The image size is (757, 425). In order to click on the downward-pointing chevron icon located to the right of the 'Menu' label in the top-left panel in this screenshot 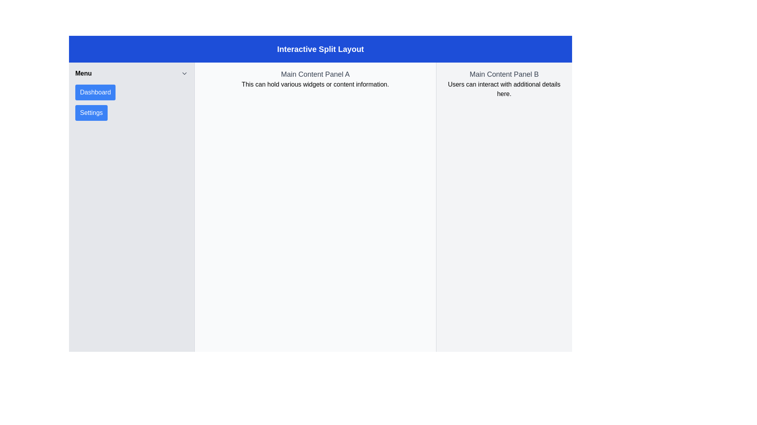, I will do `click(184, 73)`.